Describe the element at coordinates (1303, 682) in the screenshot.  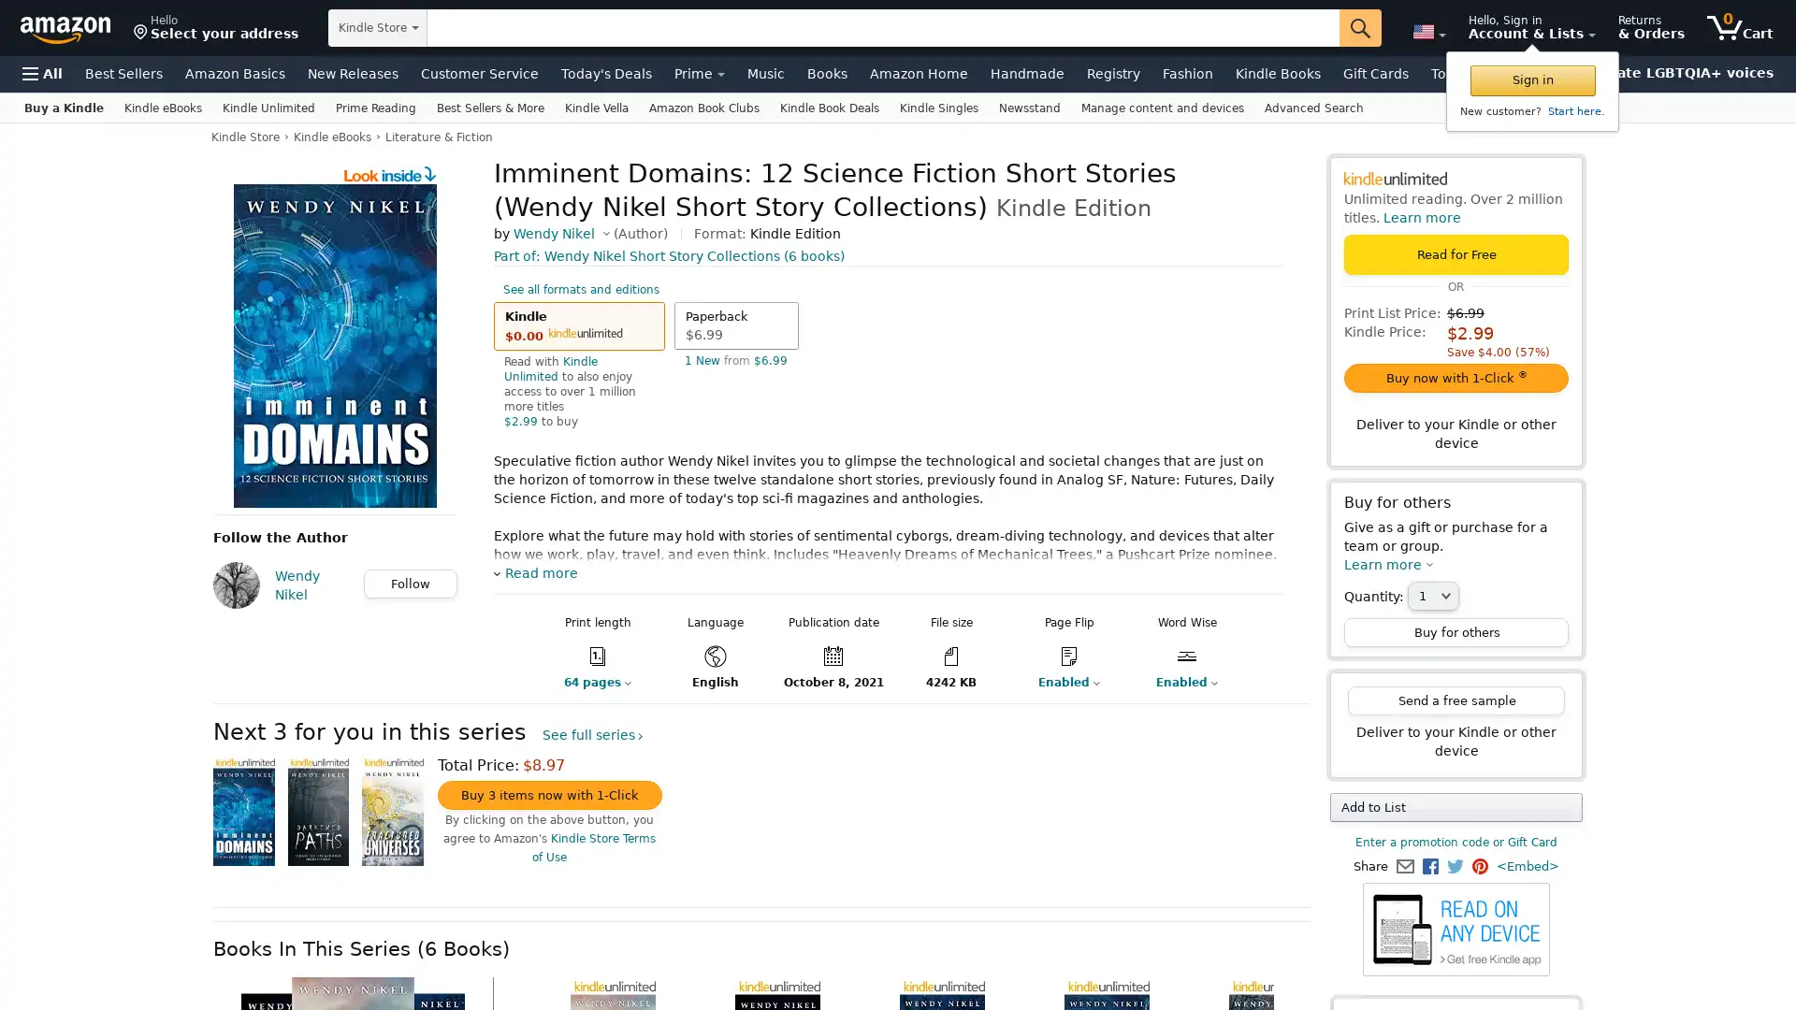
I see `Enabled` at that location.